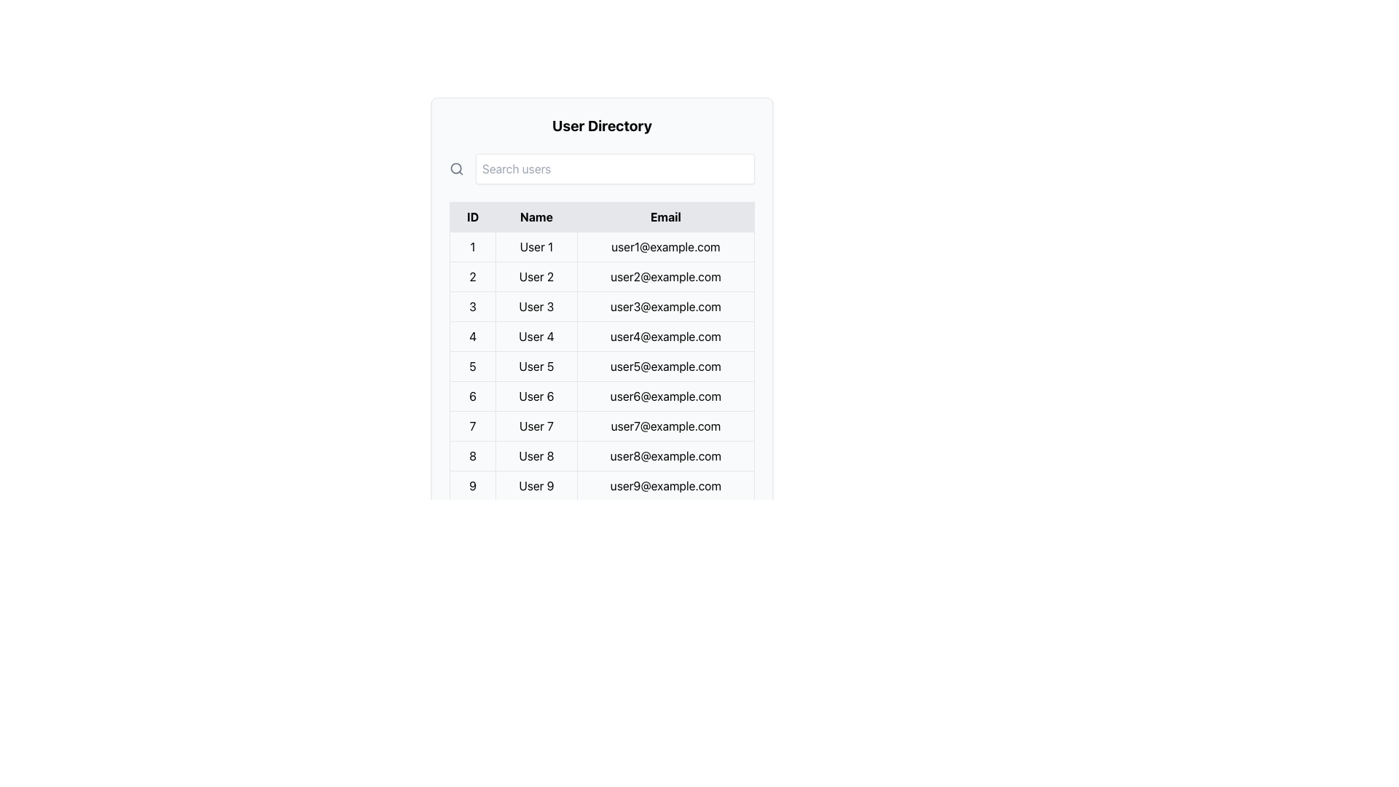 This screenshot has width=1399, height=787. Describe the element at coordinates (602, 426) in the screenshot. I see `the seventh row of the user directory table` at that location.